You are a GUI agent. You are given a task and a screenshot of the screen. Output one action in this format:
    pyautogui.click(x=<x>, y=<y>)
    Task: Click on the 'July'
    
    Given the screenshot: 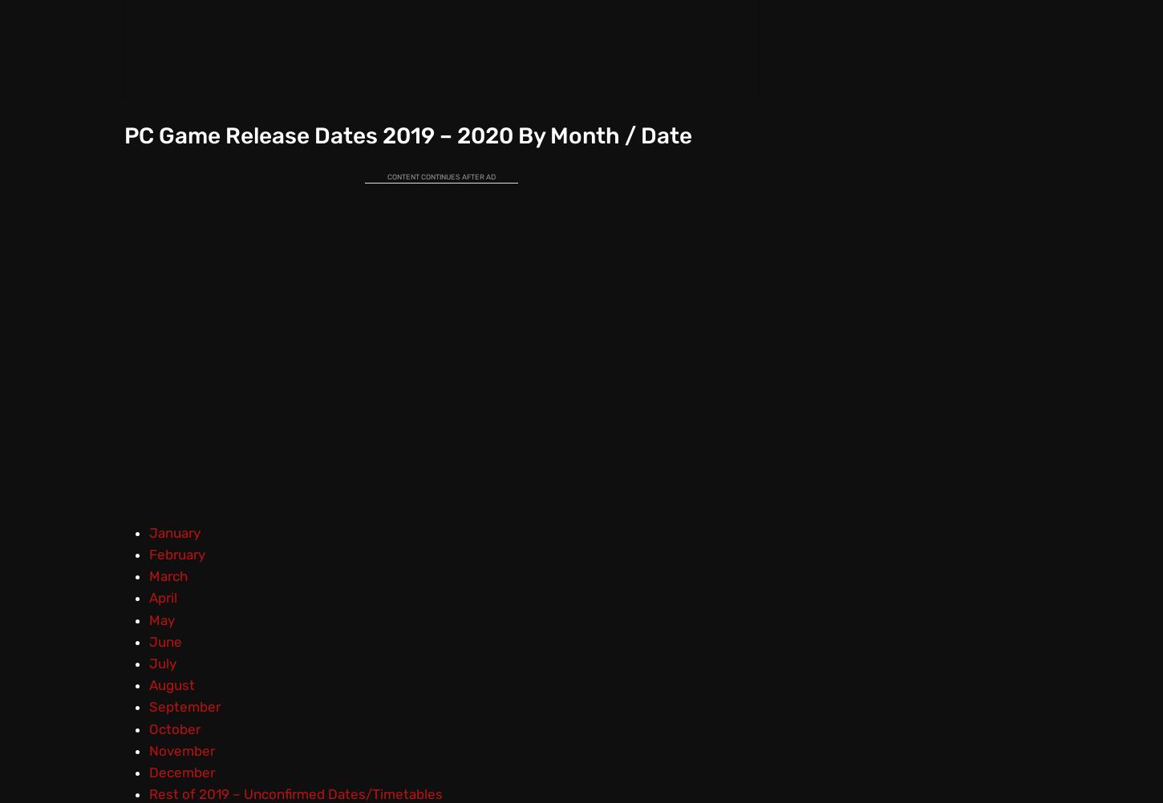 What is the action you would take?
    pyautogui.click(x=160, y=662)
    